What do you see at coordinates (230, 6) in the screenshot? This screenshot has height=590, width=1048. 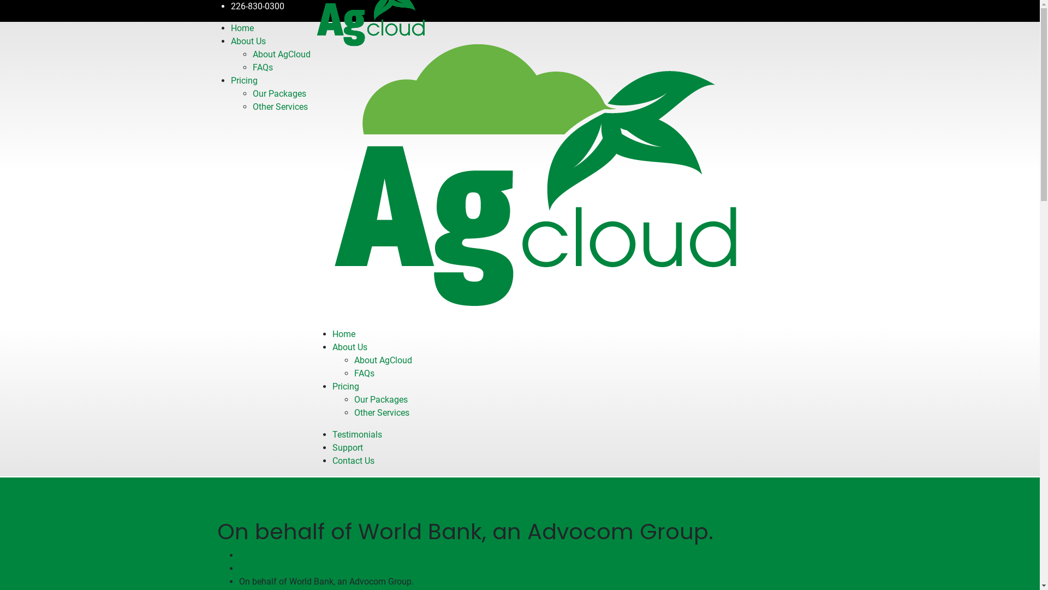 I see `'226-830-0300'` at bounding box center [230, 6].